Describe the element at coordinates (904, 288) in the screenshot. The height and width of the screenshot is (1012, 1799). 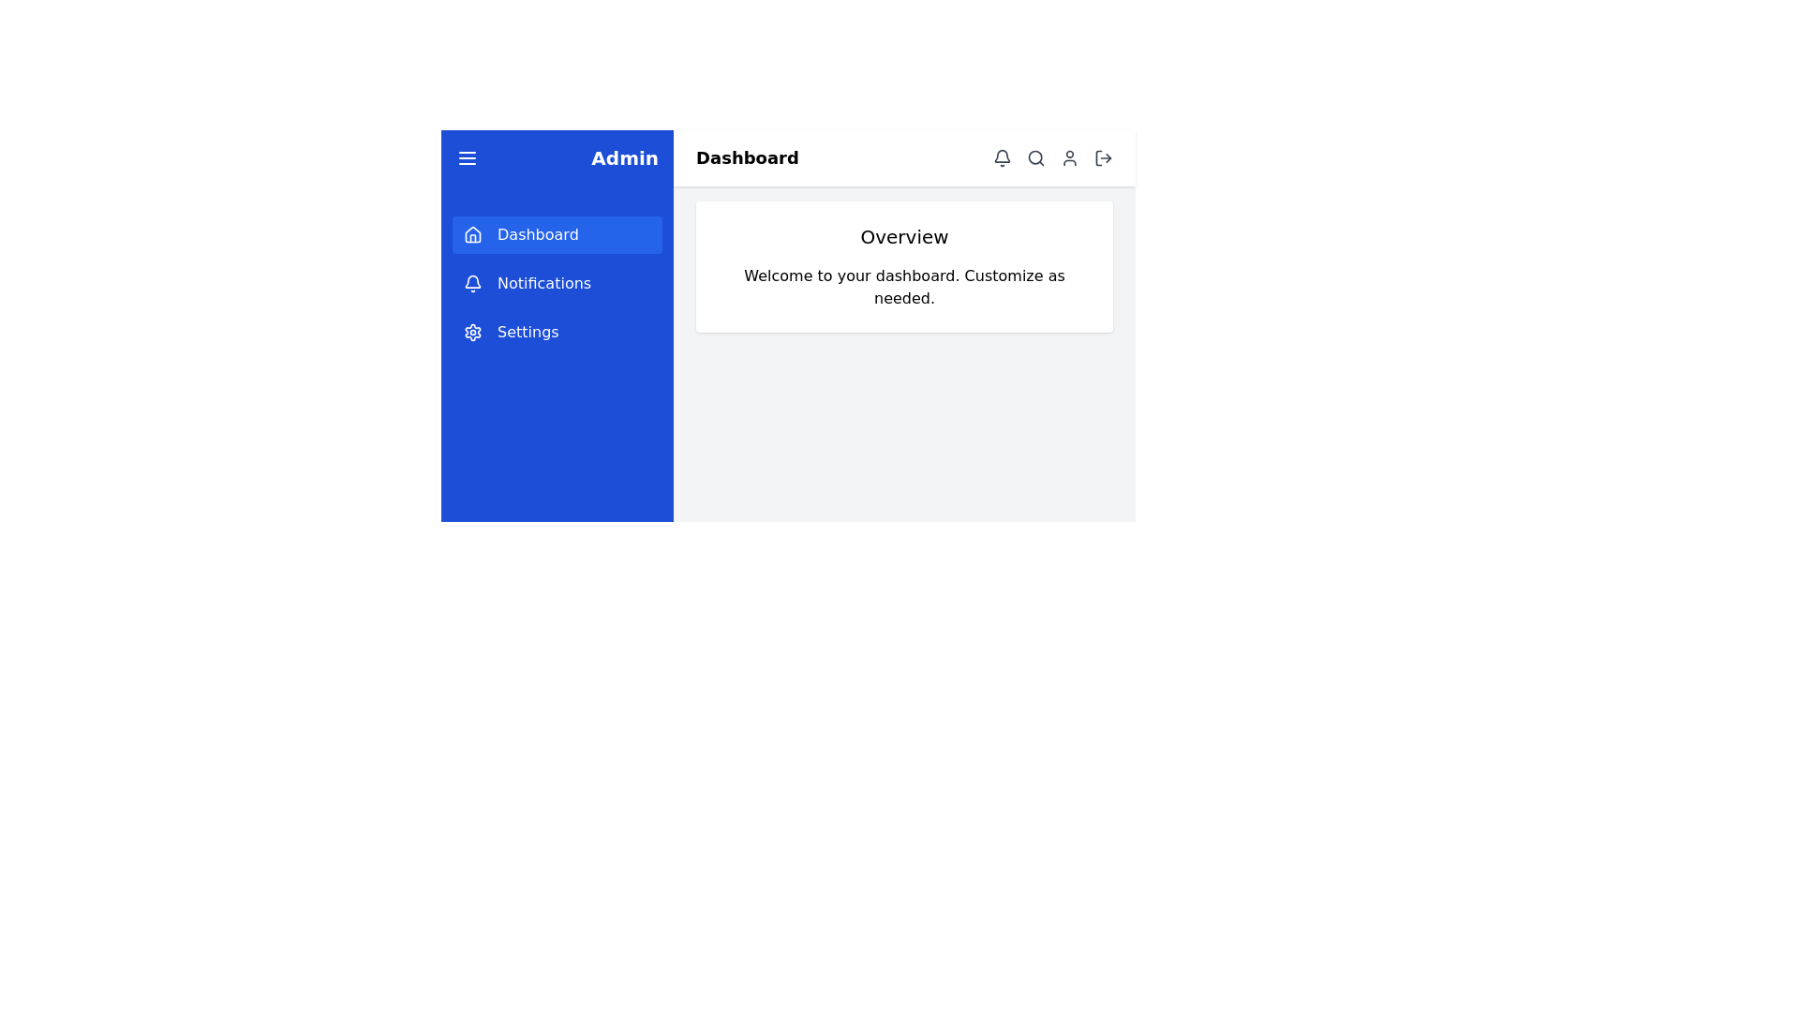
I see `the static text element that states 'Welcome to your dashboard. Customize as needed.', which is located beneath the 'Overview' header` at that location.